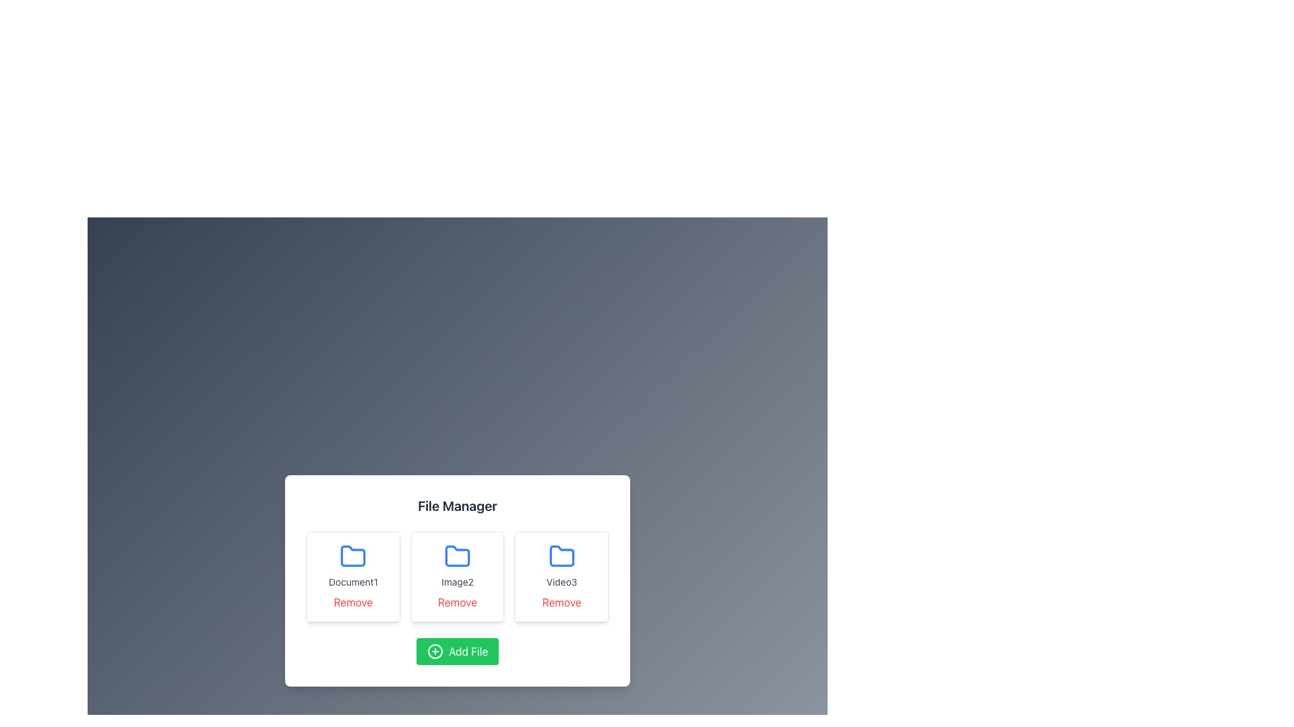 The image size is (1294, 727). Describe the element at coordinates (353, 556) in the screenshot. I see `the folder icon that represents a file categorization, located directly above the label 'Document1' and the 'Remove' button` at that location.